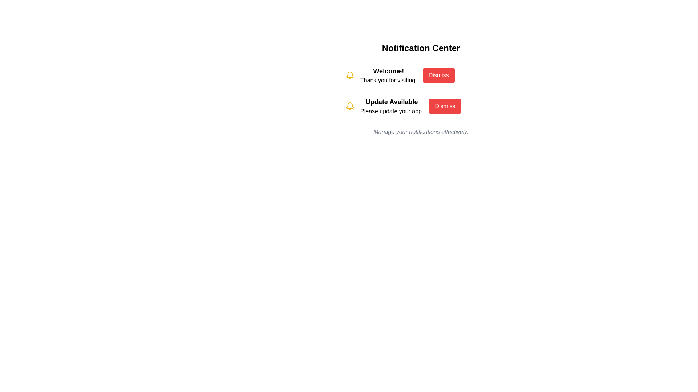 This screenshot has height=392, width=698. Describe the element at coordinates (388, 71) in the screenshot. I see `the 'Welcome!' text label, which serves as the title of the notification and is positioned directly above the 'Thank you for visiting.' text` at that location.